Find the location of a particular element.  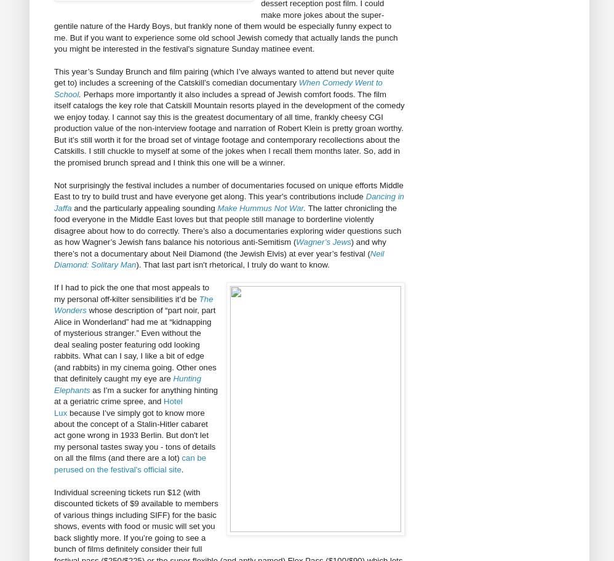

'Make Hummus Not War' is located at coordinates (260, 207).